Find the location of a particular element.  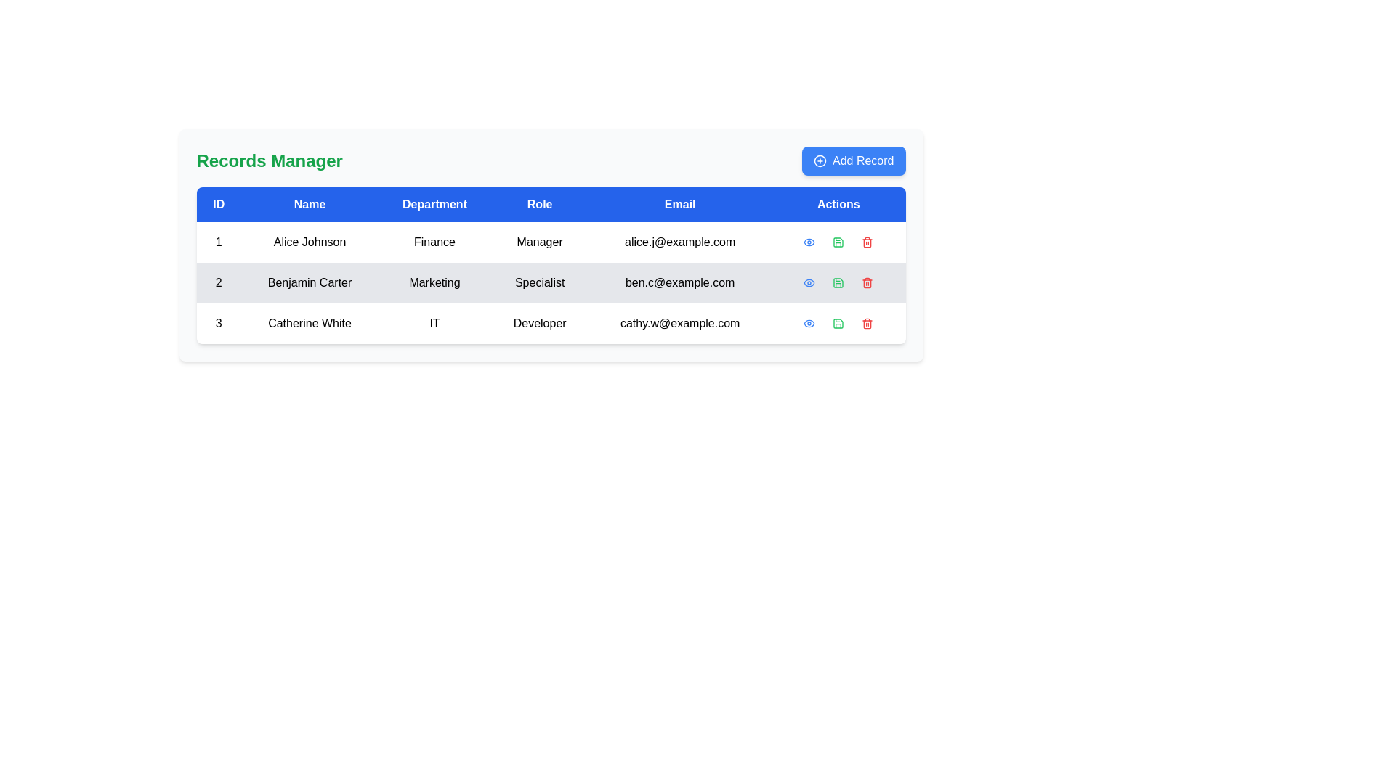

the Save icon located in the Actions column of the first row of the table is located at coordinates (838, 242).